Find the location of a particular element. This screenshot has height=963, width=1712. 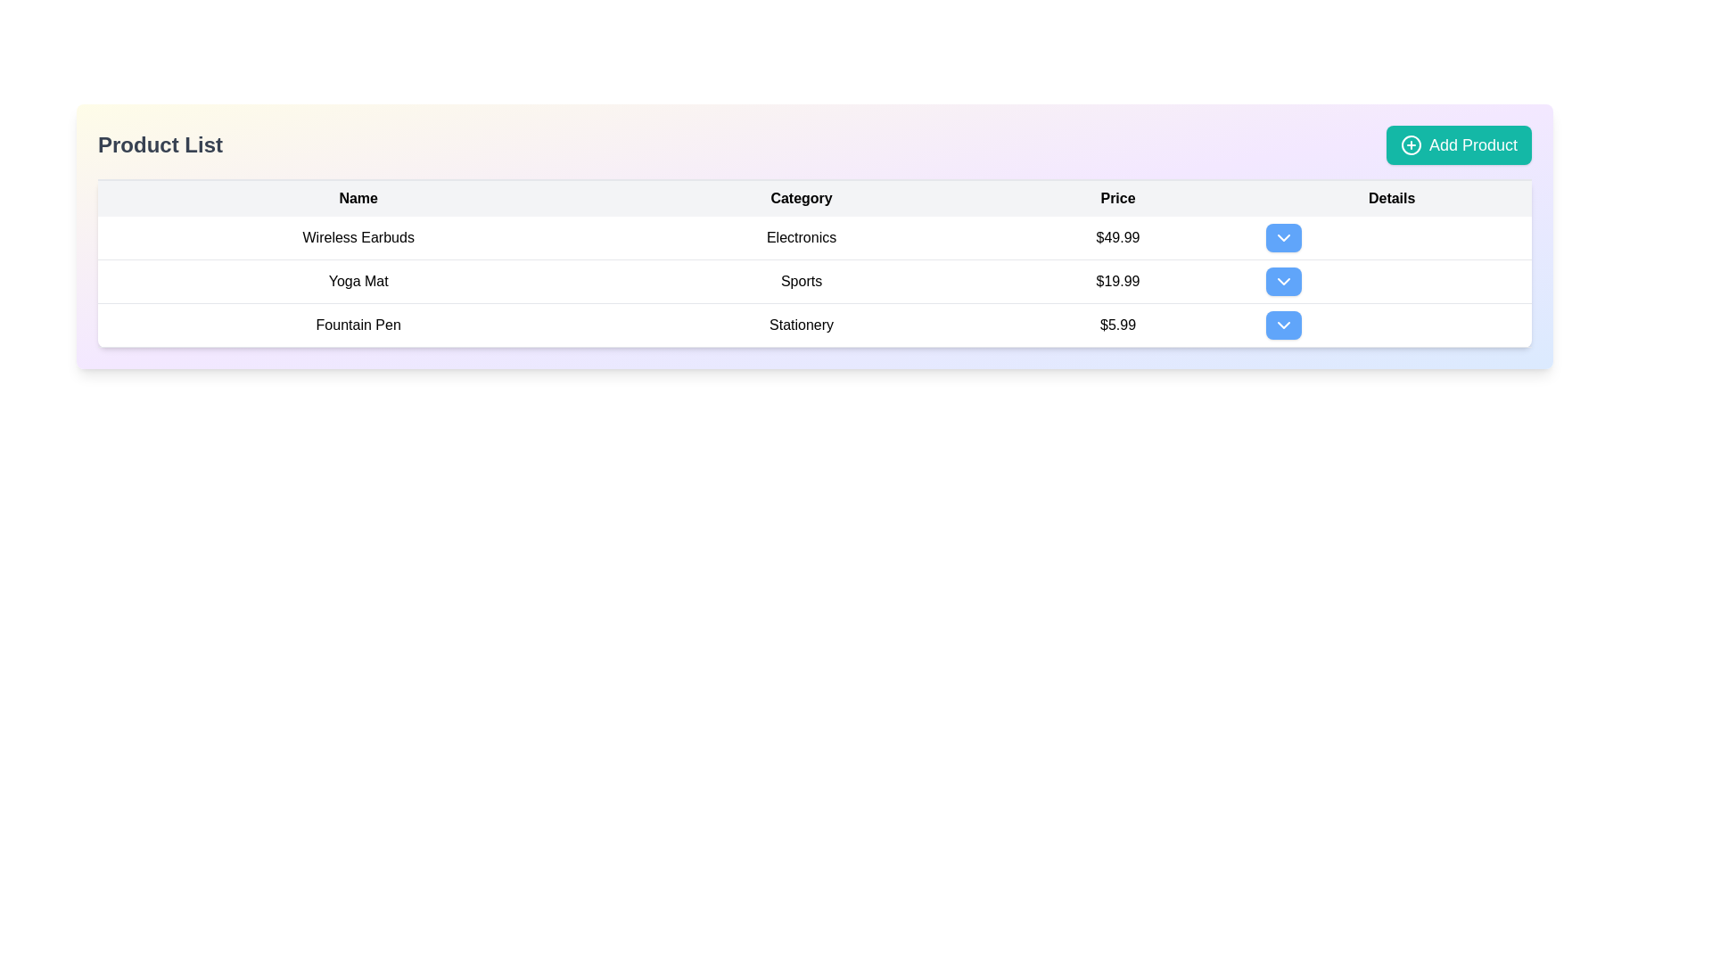

the circular graphical element centered within the green 'Add Product' button located at the top-right part of the interface is located at coordinates (1410, 144).